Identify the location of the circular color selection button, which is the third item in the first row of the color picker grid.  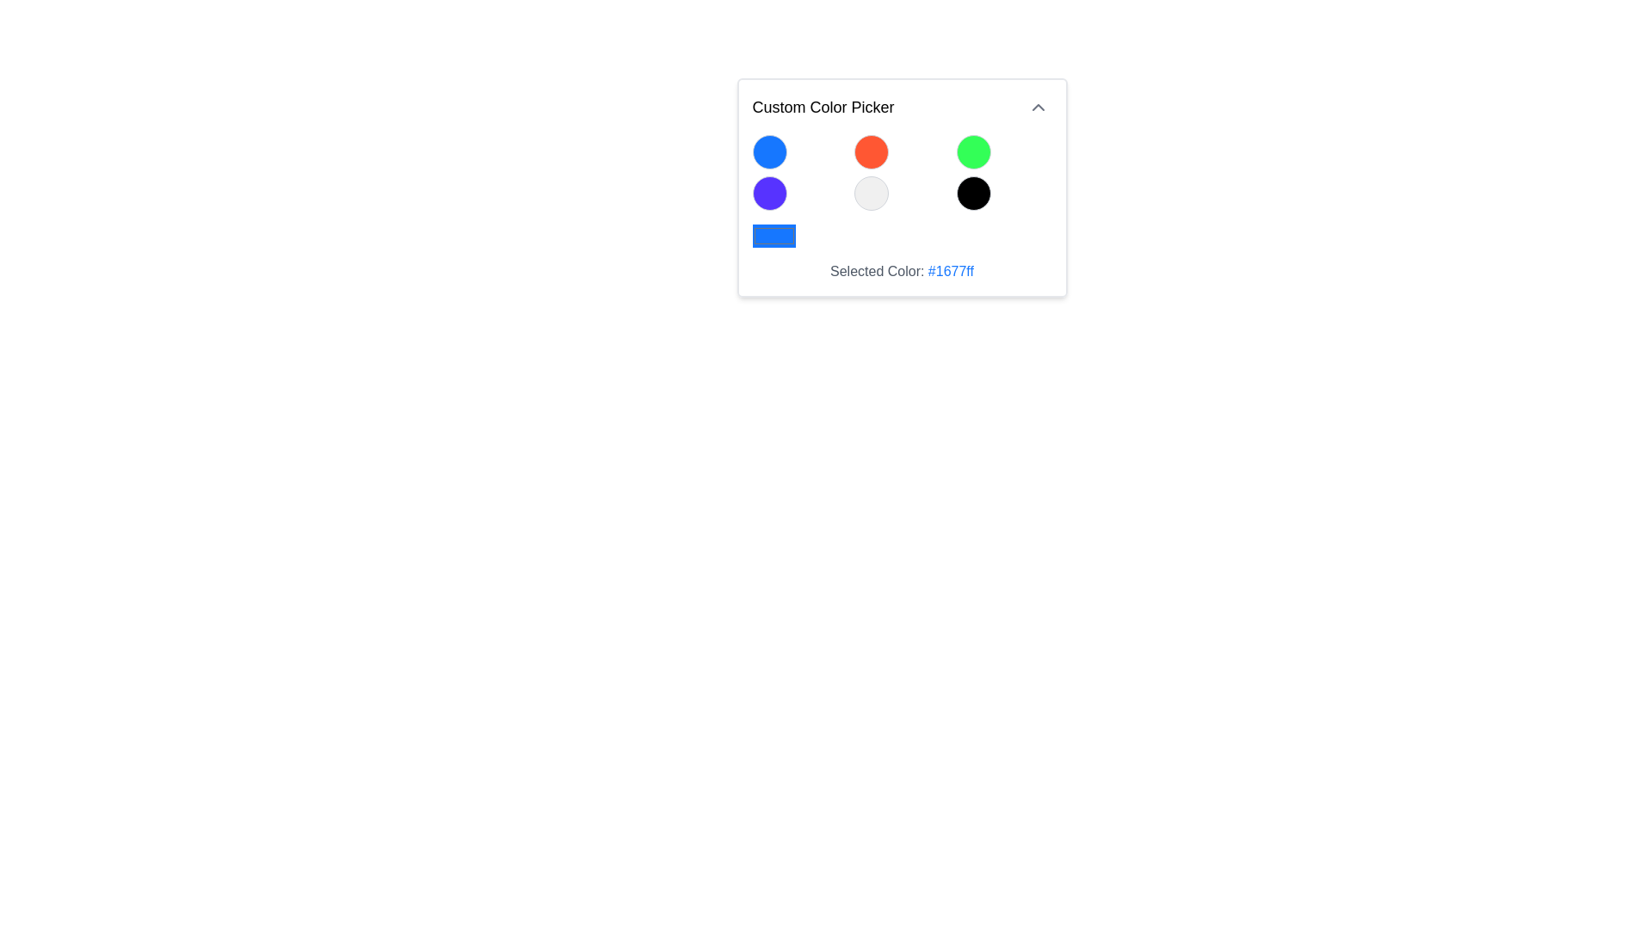
(973, 151).